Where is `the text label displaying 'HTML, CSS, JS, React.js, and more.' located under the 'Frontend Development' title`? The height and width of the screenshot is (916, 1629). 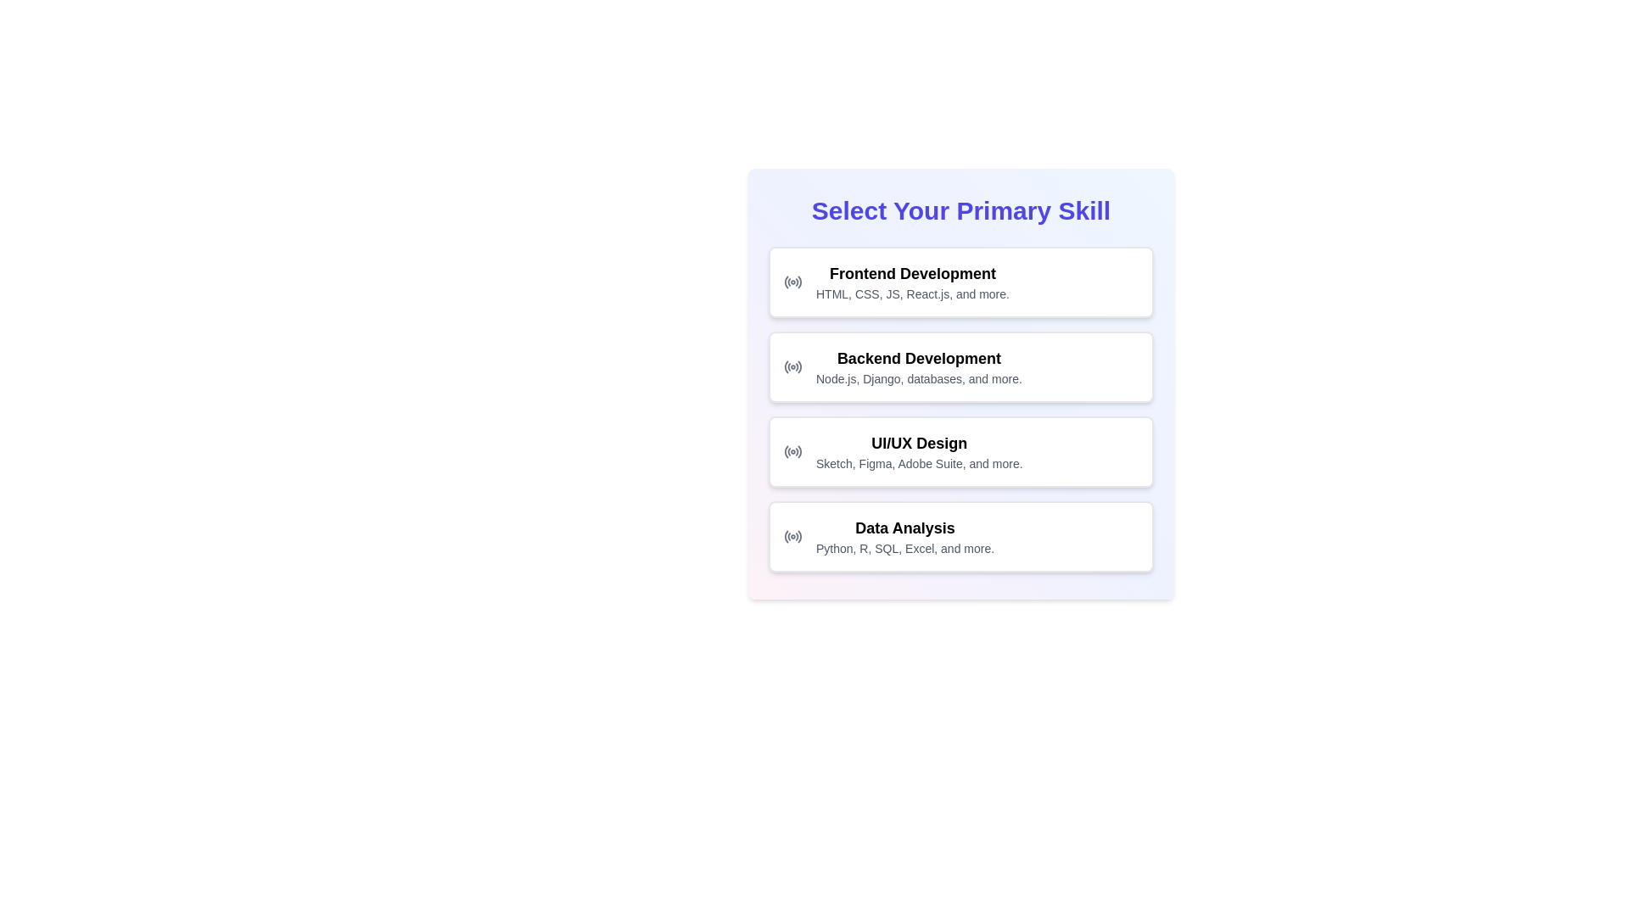
the text label displaying 'HTML, CSS, JS, React.js, and more.' located under the 'Frontend Development' title is located at coordinates (911, 293).